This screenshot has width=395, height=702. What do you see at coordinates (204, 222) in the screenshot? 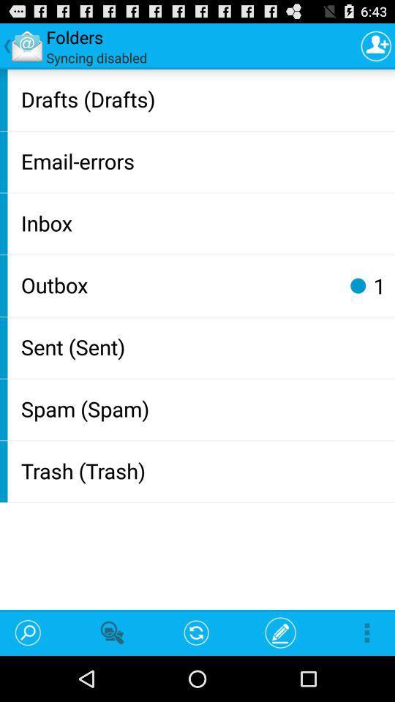
I see `the inbox app` at bounding box center [204, 222].